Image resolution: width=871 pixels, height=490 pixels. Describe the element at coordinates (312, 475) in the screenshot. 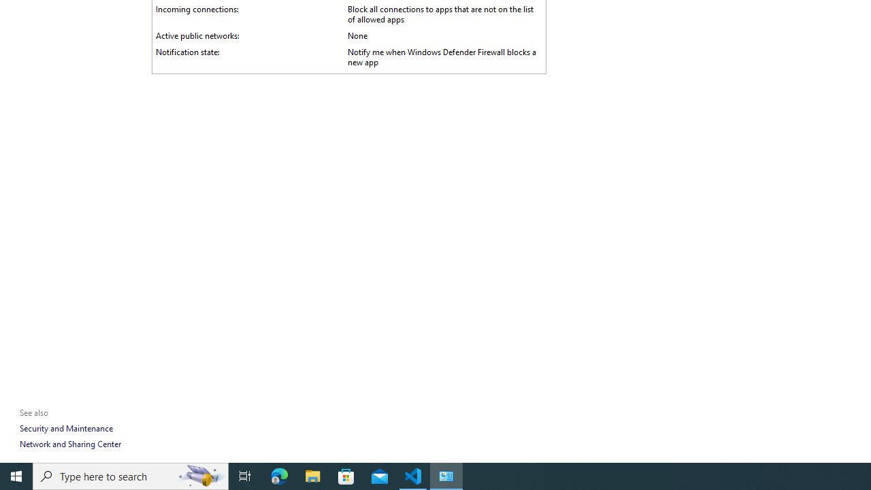

I see `'File Explorer'` at that location.